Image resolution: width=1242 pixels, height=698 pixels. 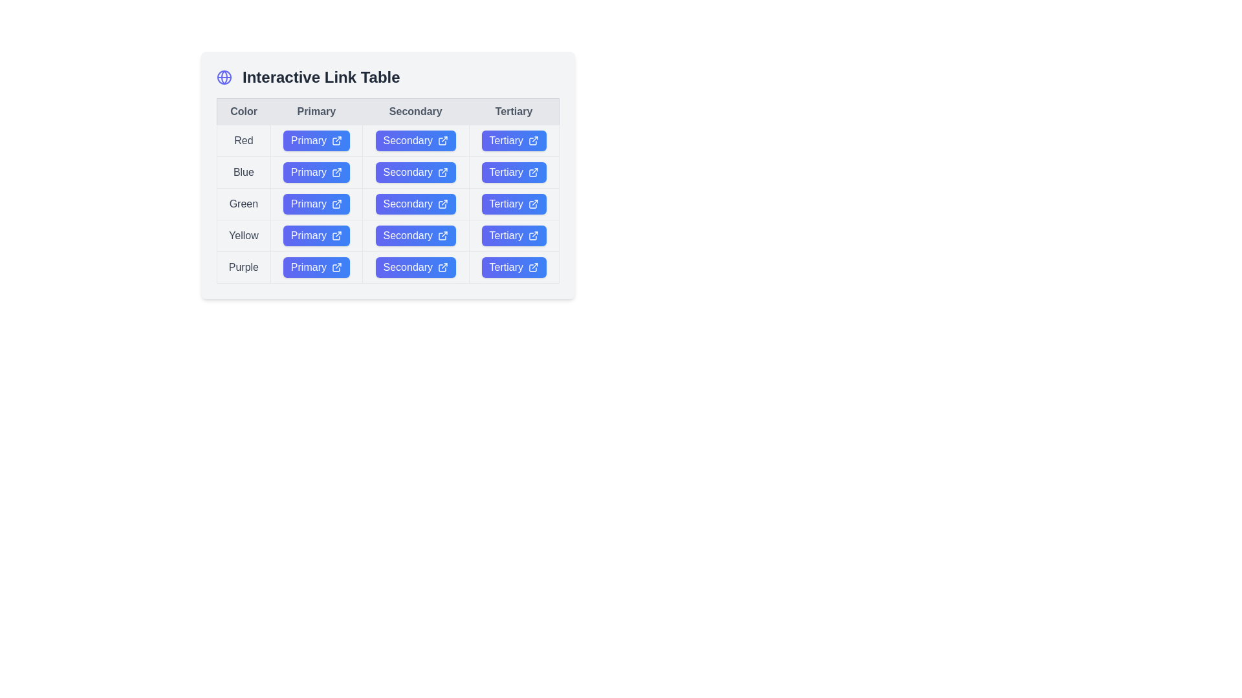 I want to click on the content of the 'Primary' text within the button located in the 'Green' row and 'Primary' column of the table, so click(x=308, y=204).